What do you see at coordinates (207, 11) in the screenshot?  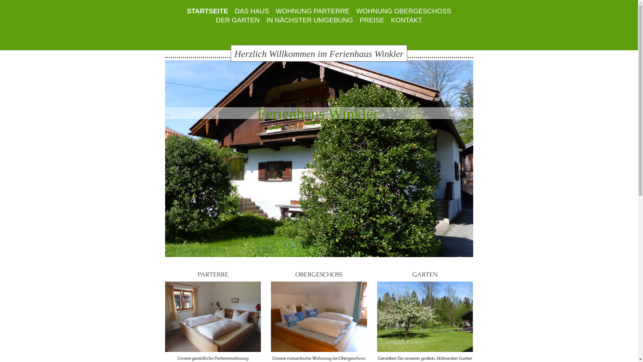 I see `'STARTSEITE'` at bounding box center [207, 11].